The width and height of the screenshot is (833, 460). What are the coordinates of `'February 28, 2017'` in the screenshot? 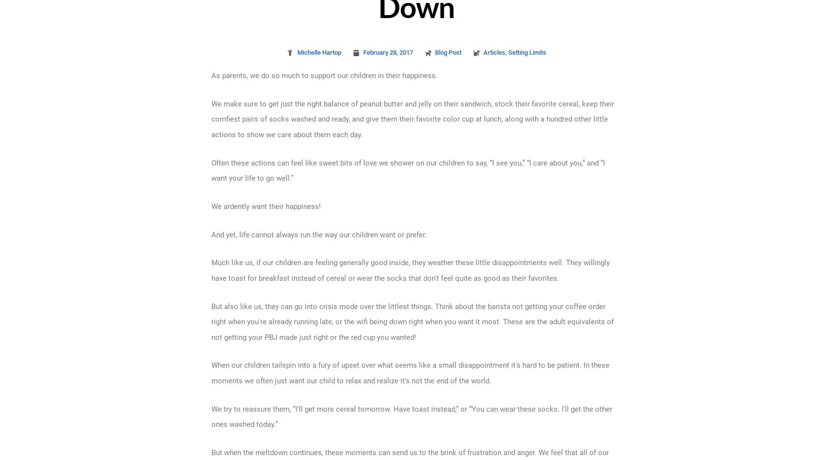 It's located at (362, 52).